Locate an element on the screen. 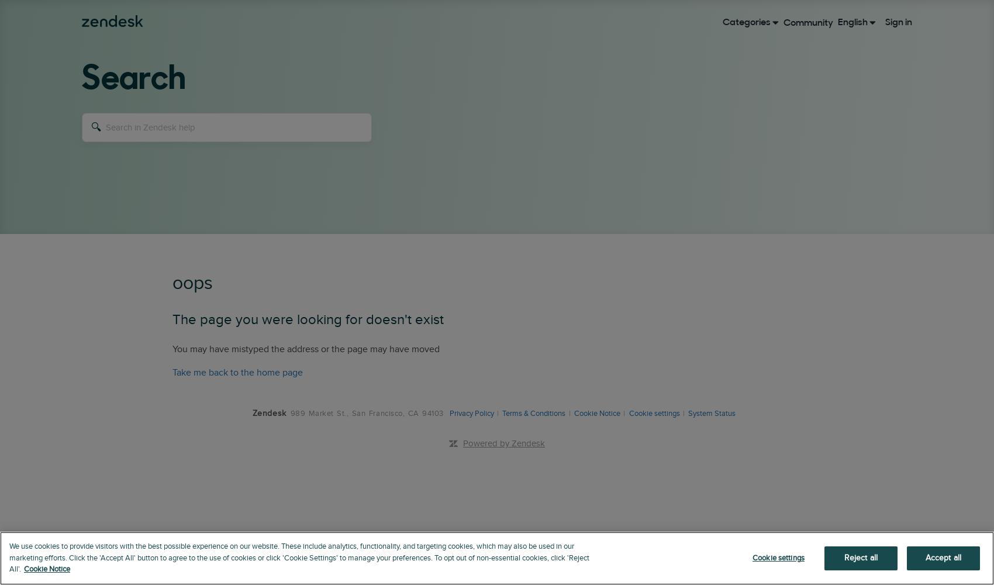 The image size is (994, 585). 'Privacy Policy' is located at coordinates (448, 413).